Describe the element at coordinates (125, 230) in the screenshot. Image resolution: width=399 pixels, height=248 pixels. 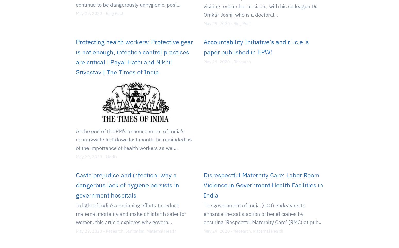
I see `'Sanitation'` at that location.